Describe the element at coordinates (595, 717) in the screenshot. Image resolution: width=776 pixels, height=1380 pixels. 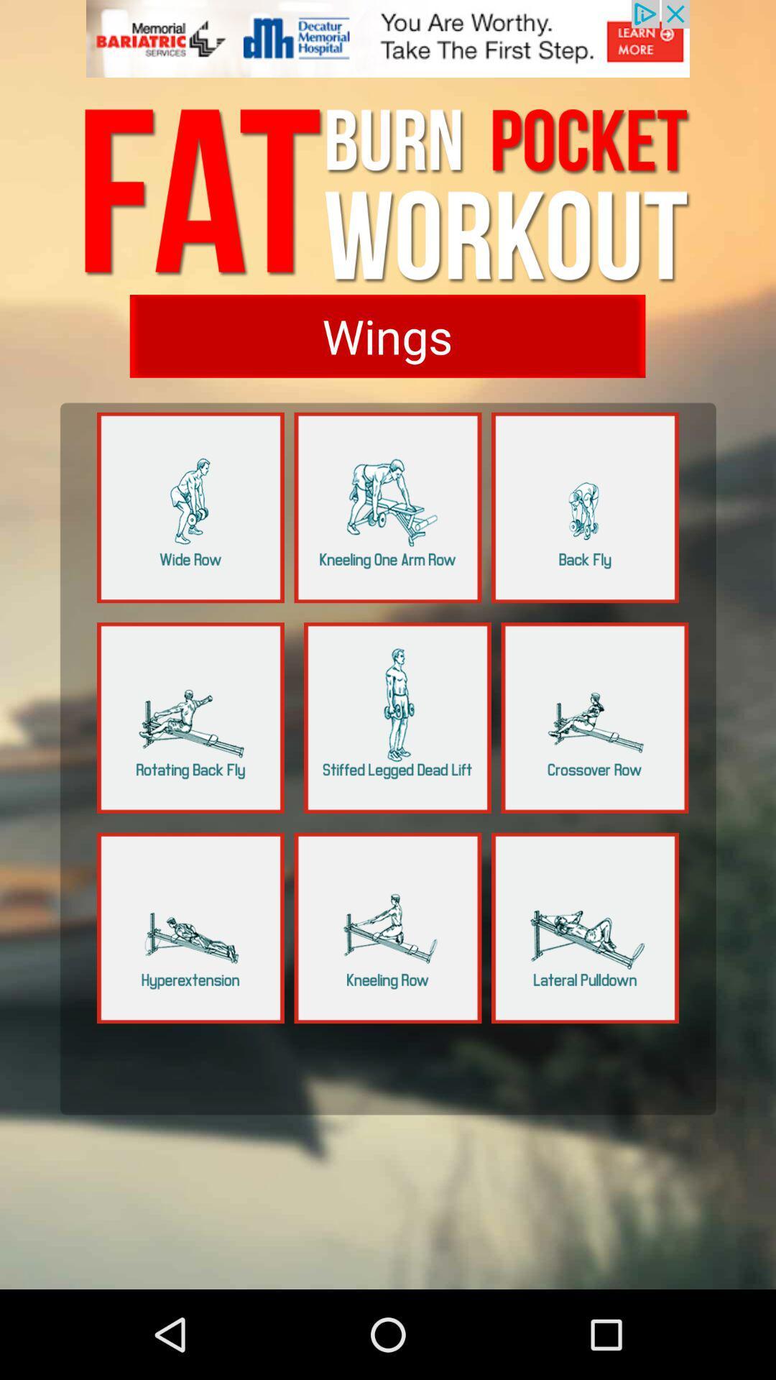
I see `excercise` at that location.